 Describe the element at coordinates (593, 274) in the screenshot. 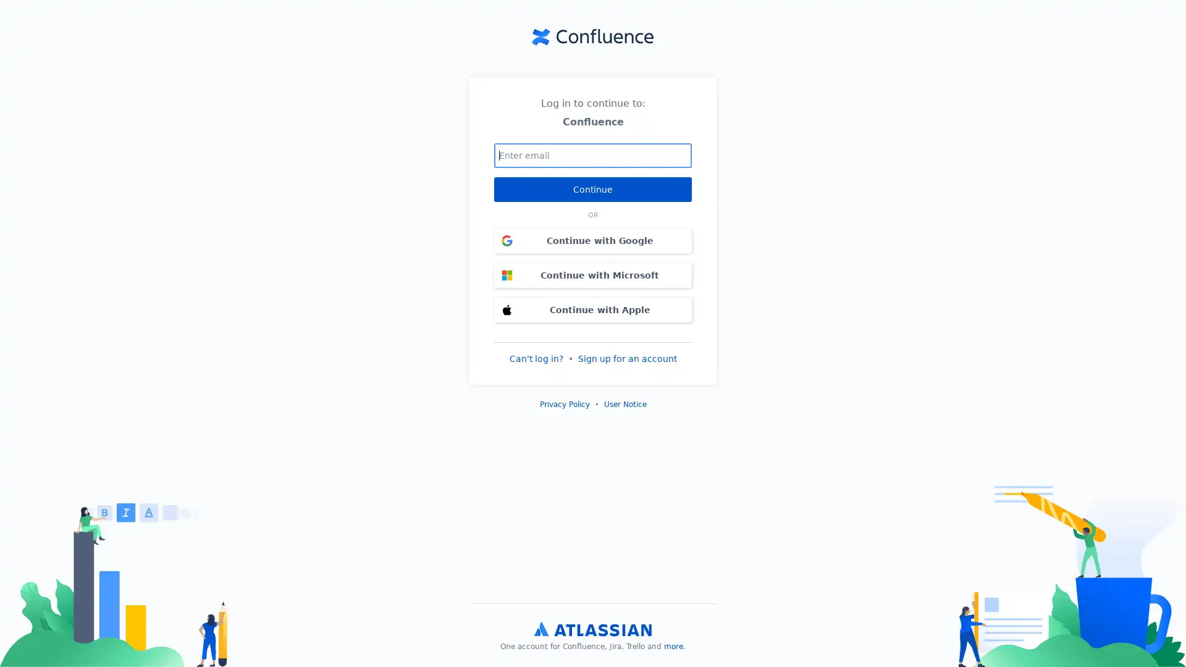

I see `Continue with Microsoft` at that location.